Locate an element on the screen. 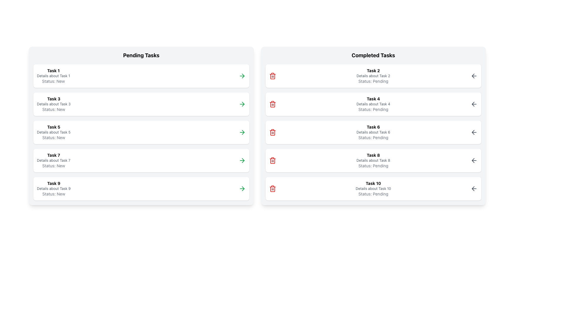  the bolded text label displaying 'Task 8' located in the 'Completed Tasks' section, specifically in the fourth task card as the first line of text is located at coordinates (373, 155).